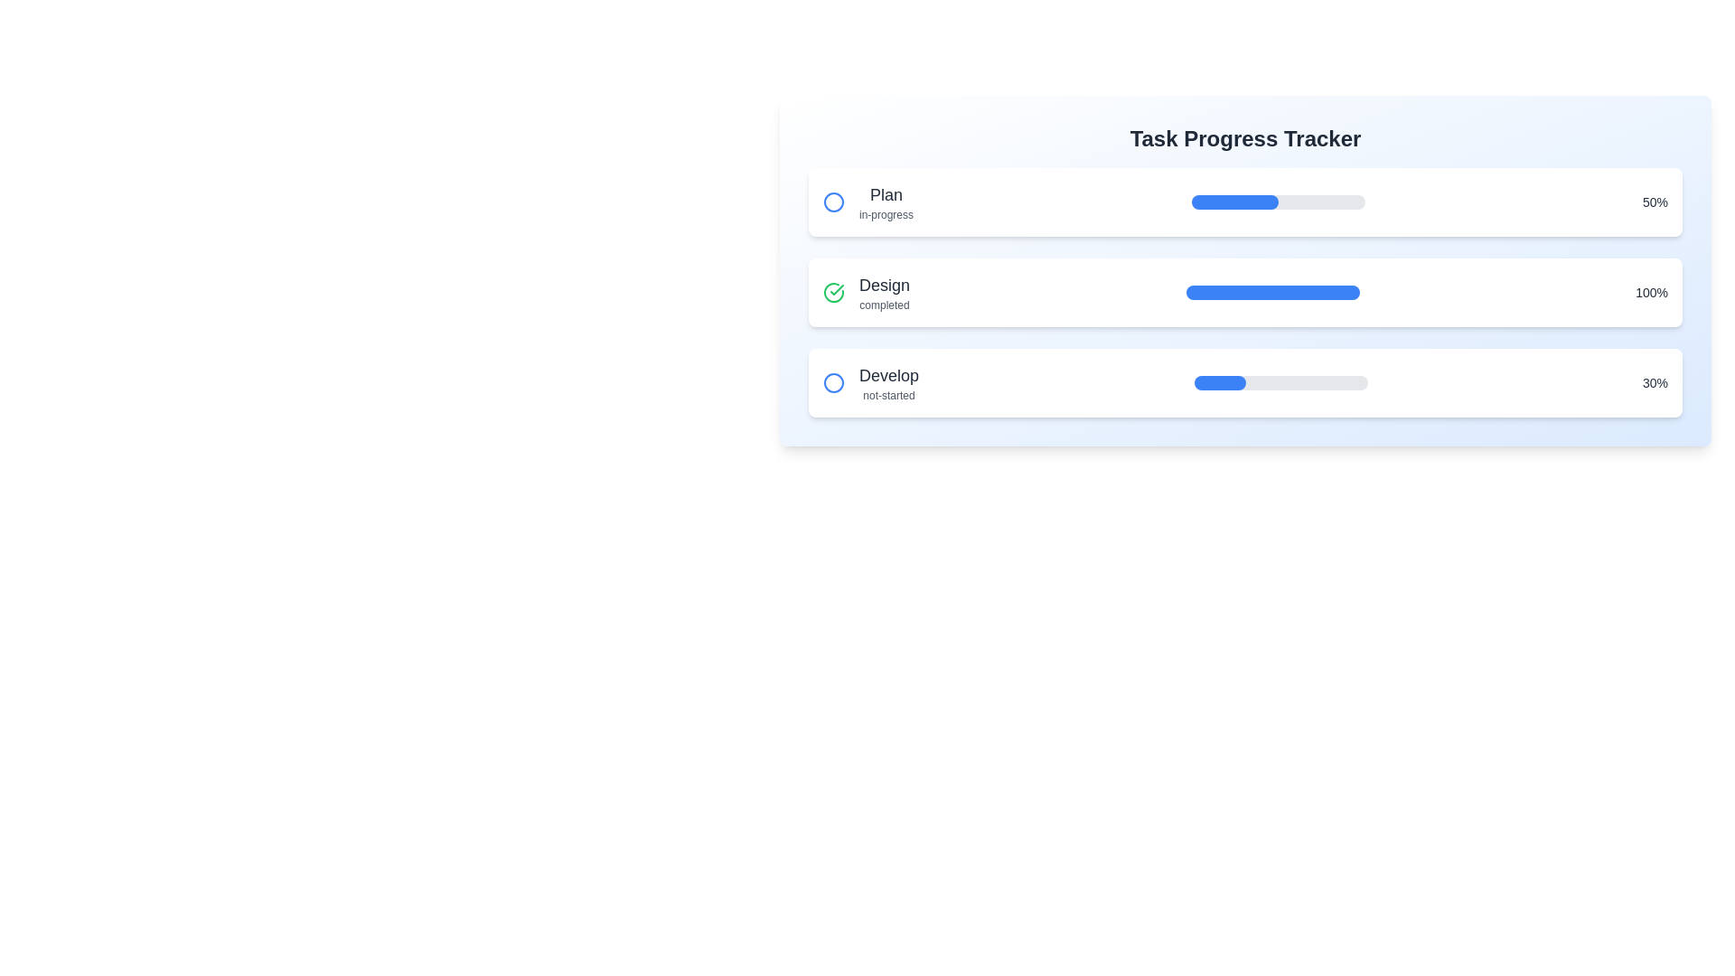 The width and height of the screenshot is (1735, 976). I want to click on displayed information from the Section with progress indicator that provides an overview of the 'Plan' task's progress, including the textual description, progress bar, and completion percentage, so click(1244, 202).